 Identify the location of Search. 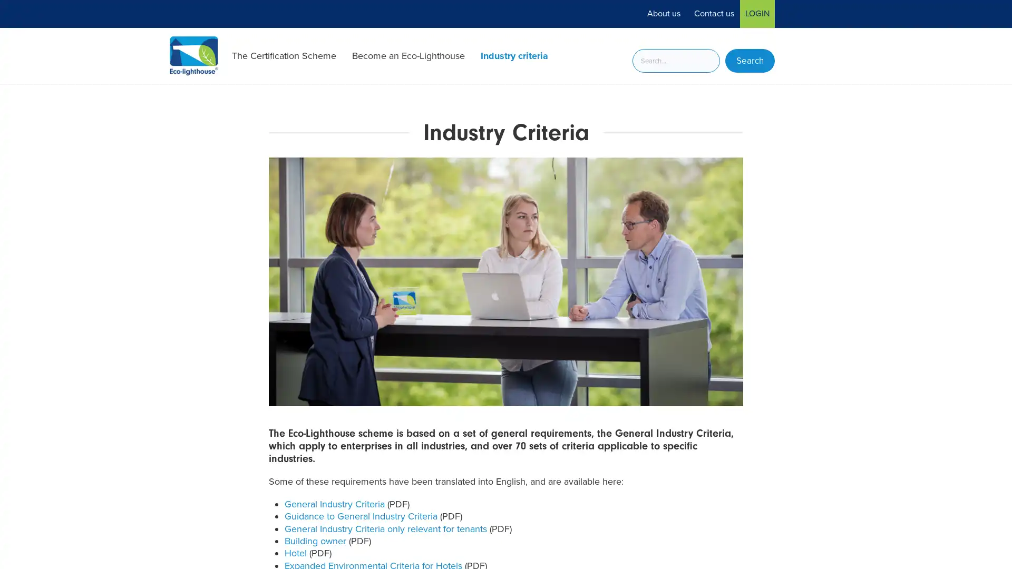
(749, 61).